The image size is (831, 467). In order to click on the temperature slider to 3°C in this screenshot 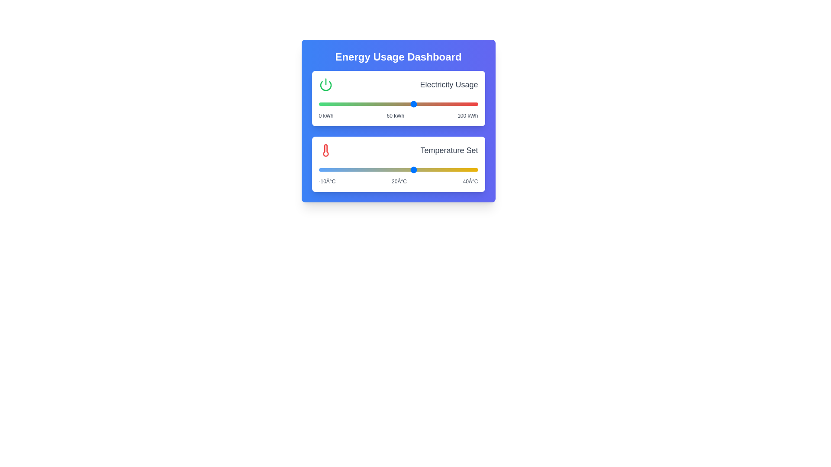, I will do `click(360, 170)`.